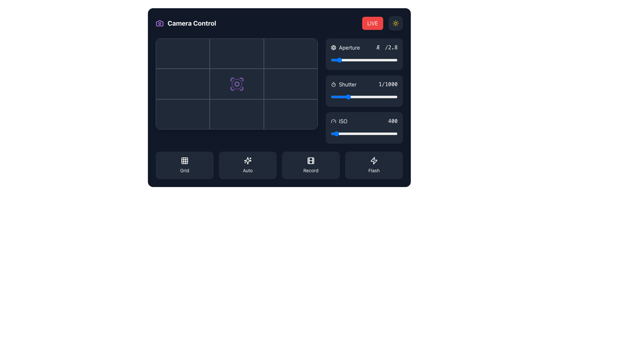  I want to click on ISO value, so click(363, 133).